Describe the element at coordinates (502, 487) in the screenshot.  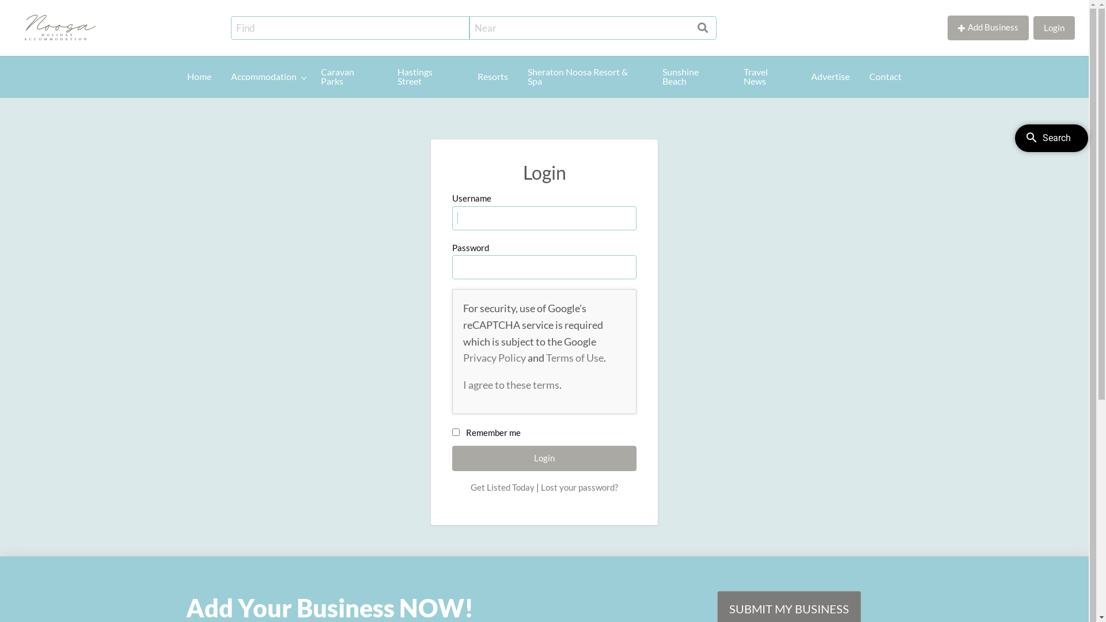
I see `'Get Listed Today'` at that location.